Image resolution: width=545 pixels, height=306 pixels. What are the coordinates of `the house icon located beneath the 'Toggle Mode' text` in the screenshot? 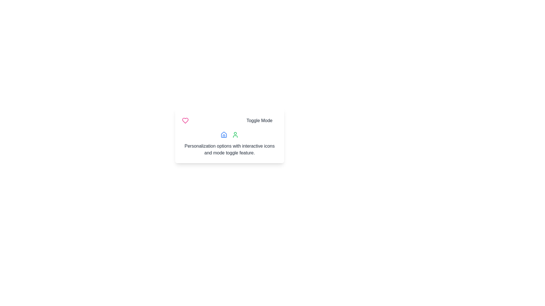 It's located at (230, 134).